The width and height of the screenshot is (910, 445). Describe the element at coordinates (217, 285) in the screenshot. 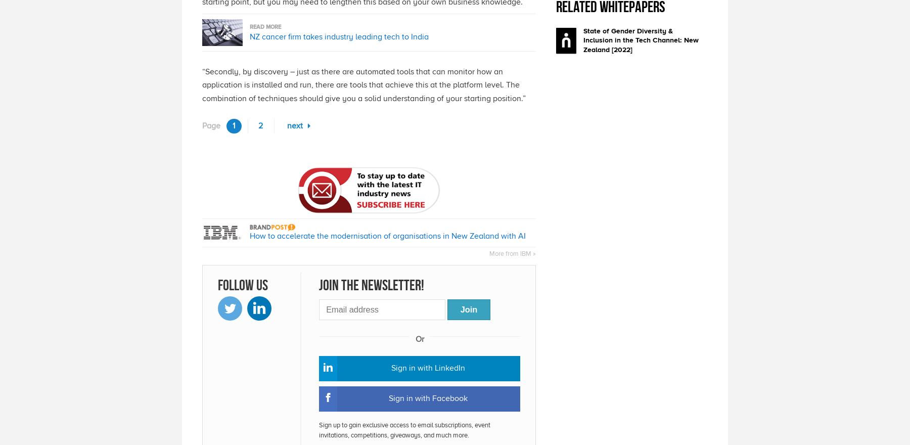

I see `'Follow Us'` at that location.